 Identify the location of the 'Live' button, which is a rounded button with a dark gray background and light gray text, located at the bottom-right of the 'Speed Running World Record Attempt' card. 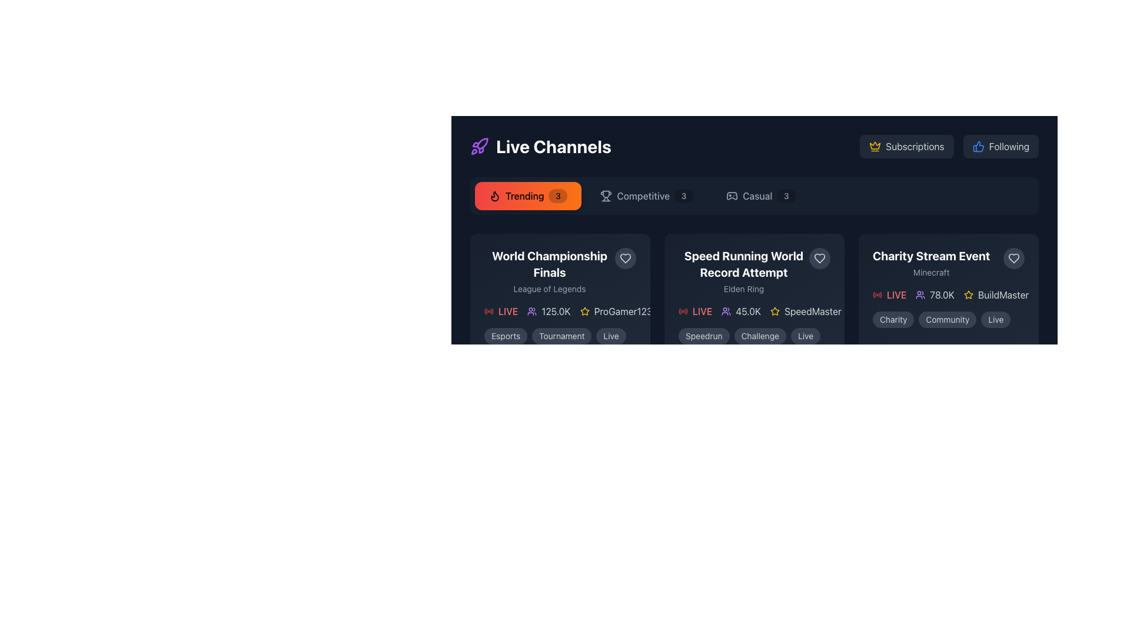
(805, 336).